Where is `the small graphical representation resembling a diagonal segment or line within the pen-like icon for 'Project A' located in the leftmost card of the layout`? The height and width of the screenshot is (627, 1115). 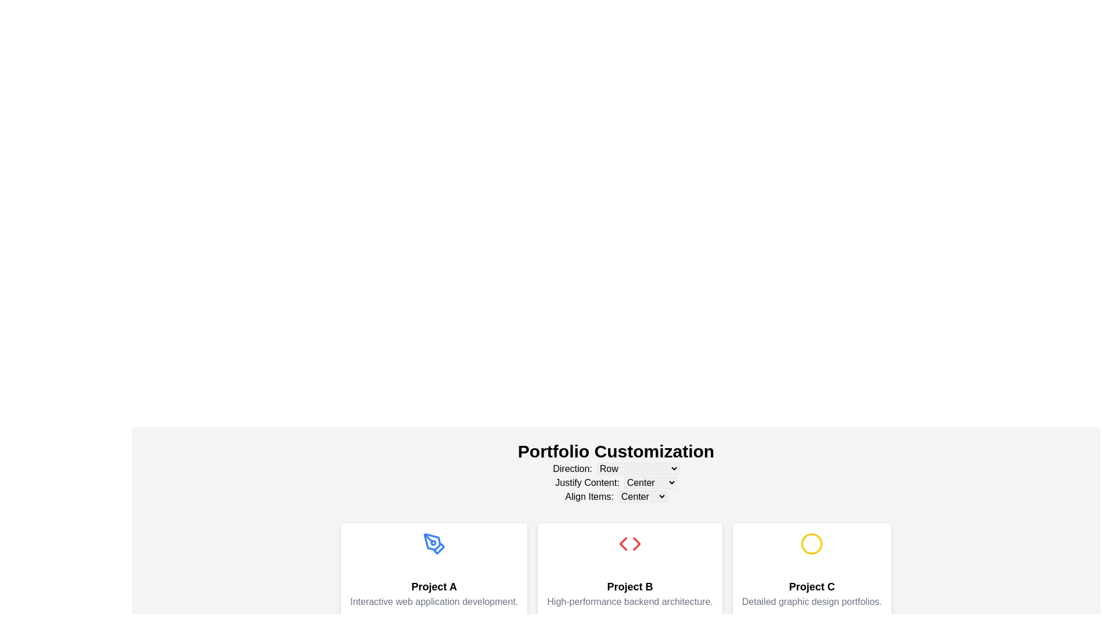 the small graphical representation resembling a diagonal segment or line within the pen-like icon for 'Project A' located in the leftmost card of the layout is located at coordinates (438, 549).